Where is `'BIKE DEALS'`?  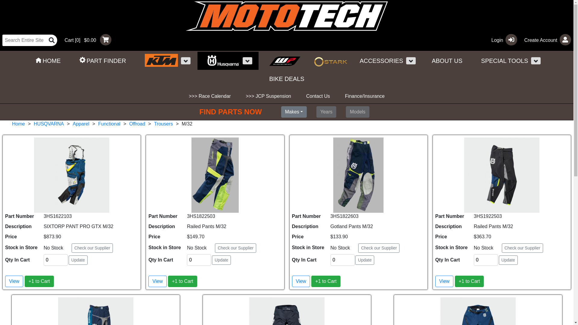 'BIKE DEALS' is located at coordinates (286, 79).